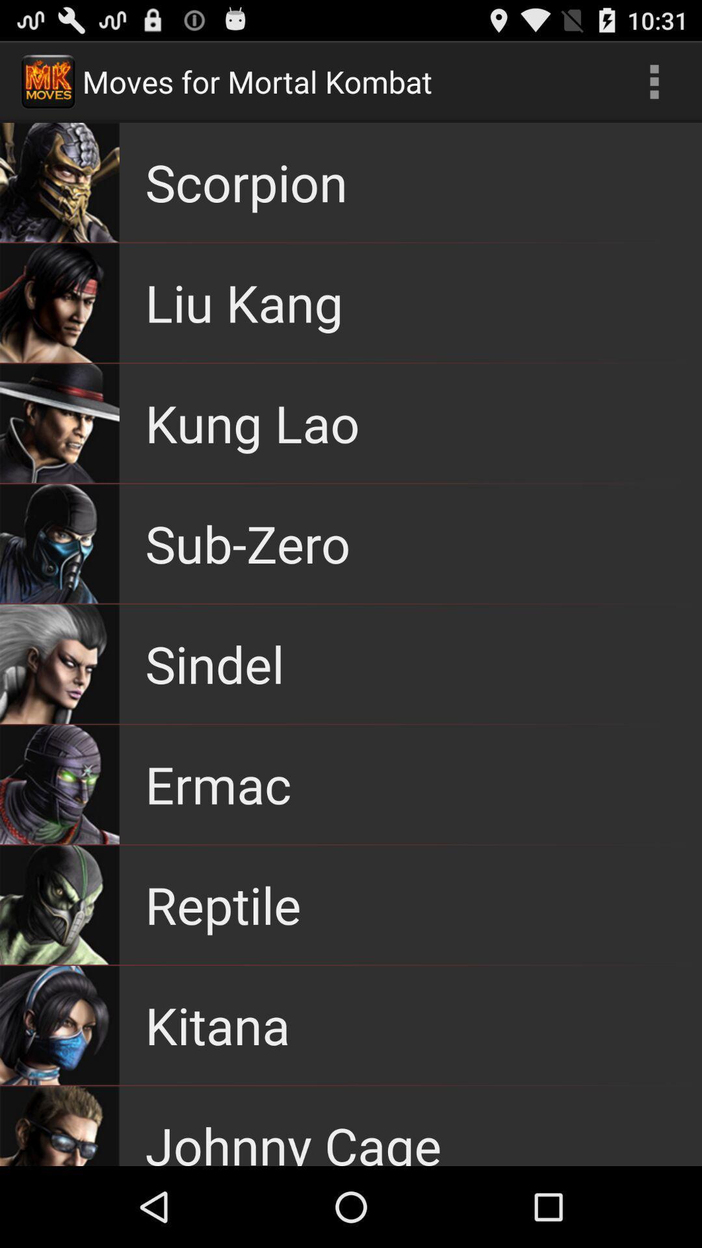 The width and height of the screenshot is (702, 1248). Describe the element at coordinates (217, 783) in the screenshot. I see `the item above the reptile` at that location.